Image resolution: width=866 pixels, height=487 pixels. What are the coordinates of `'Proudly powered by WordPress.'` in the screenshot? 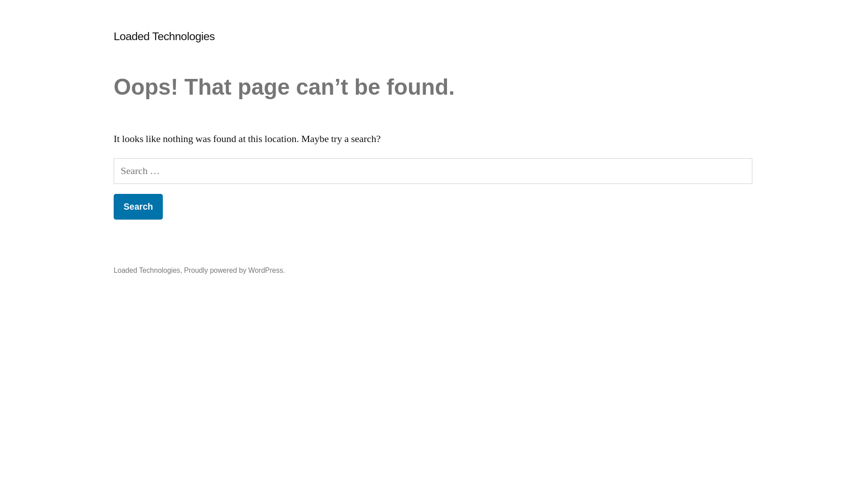 It's located at (234, 270).